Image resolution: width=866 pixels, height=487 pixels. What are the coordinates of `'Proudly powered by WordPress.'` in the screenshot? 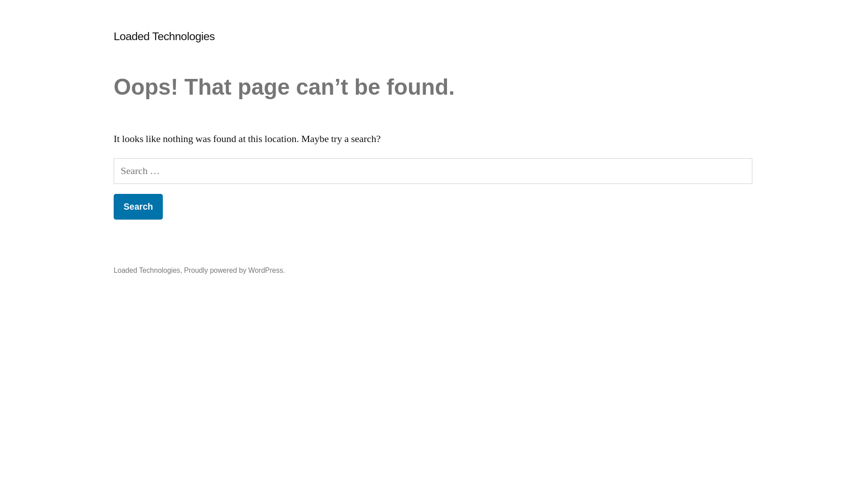 It's located at (234, 270).